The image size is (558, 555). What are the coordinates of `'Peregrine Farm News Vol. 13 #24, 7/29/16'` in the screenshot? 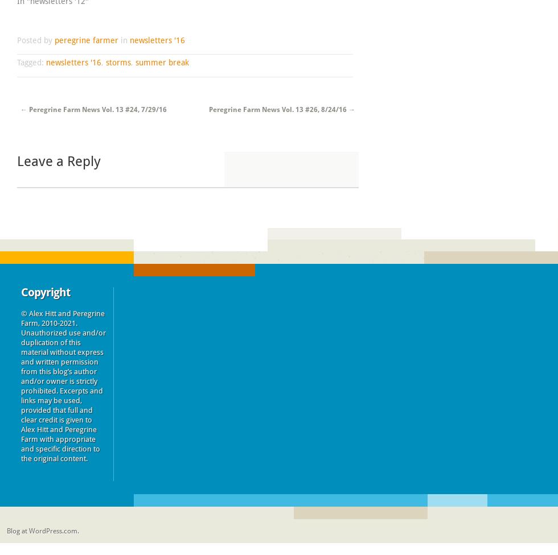 It's located at (97, 108).